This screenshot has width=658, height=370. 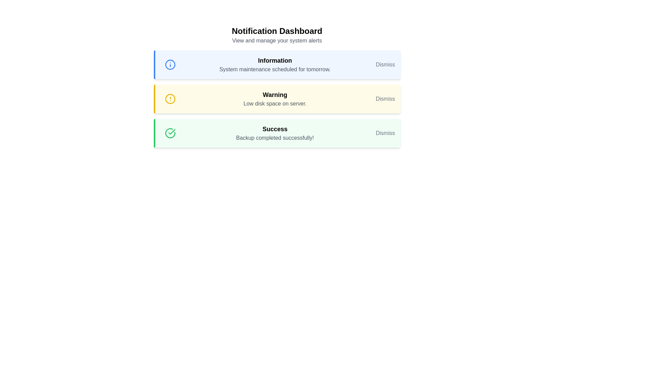 What do you see at coordinates (277, 41) in the screenshot?
I see `the Text Label that provides a description for the 'Notification Dashboard', located below the main heading` at bounding box center [277, 41].